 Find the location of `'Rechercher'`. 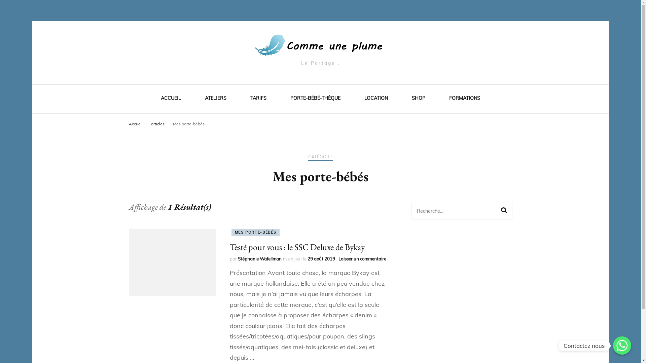

'Rechercher' is located at coordinates (501, 210).